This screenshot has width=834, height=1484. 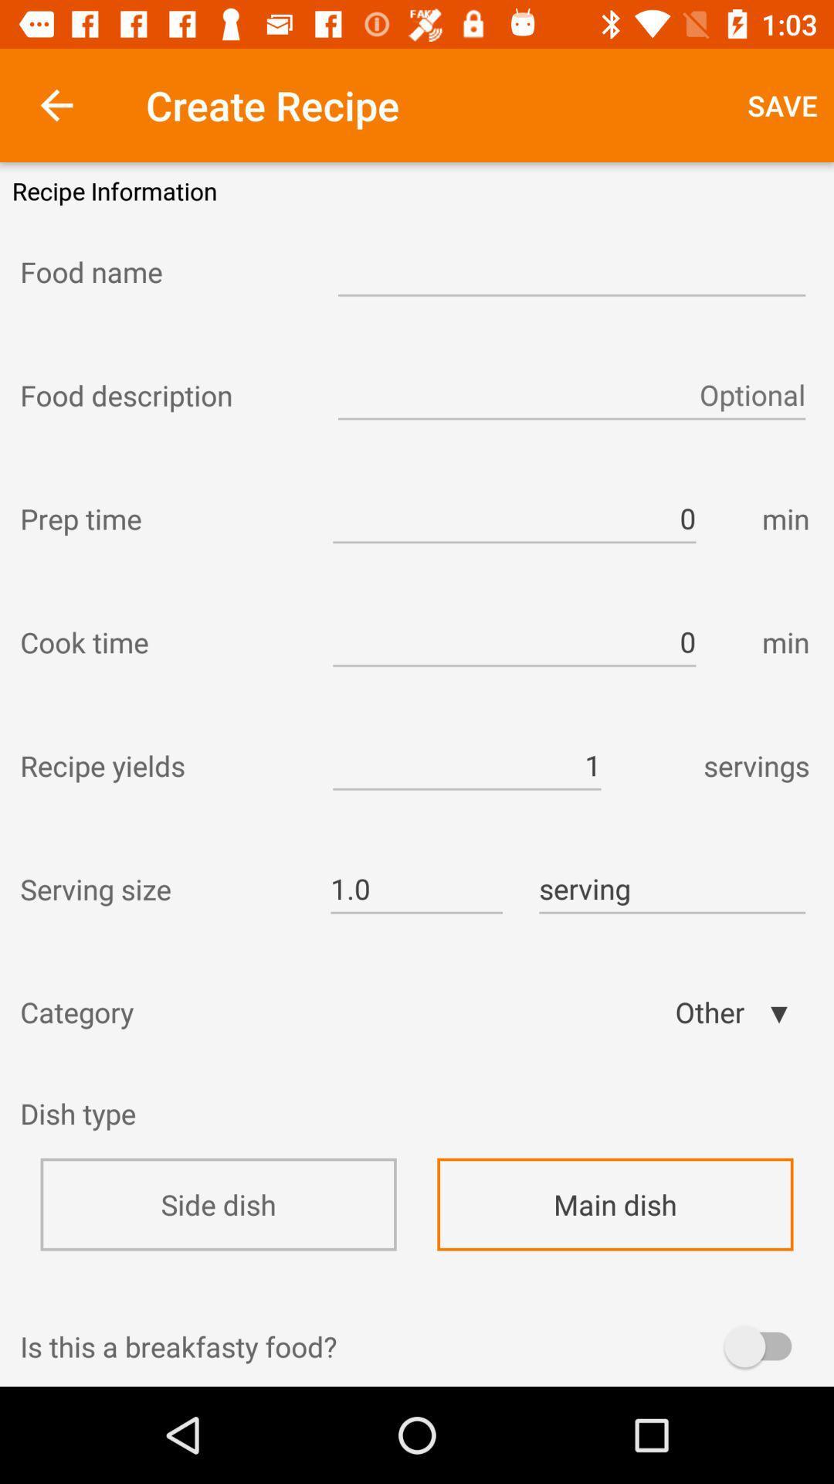 I want to click on icon below side dish icon, so click(x=417, y=1298).